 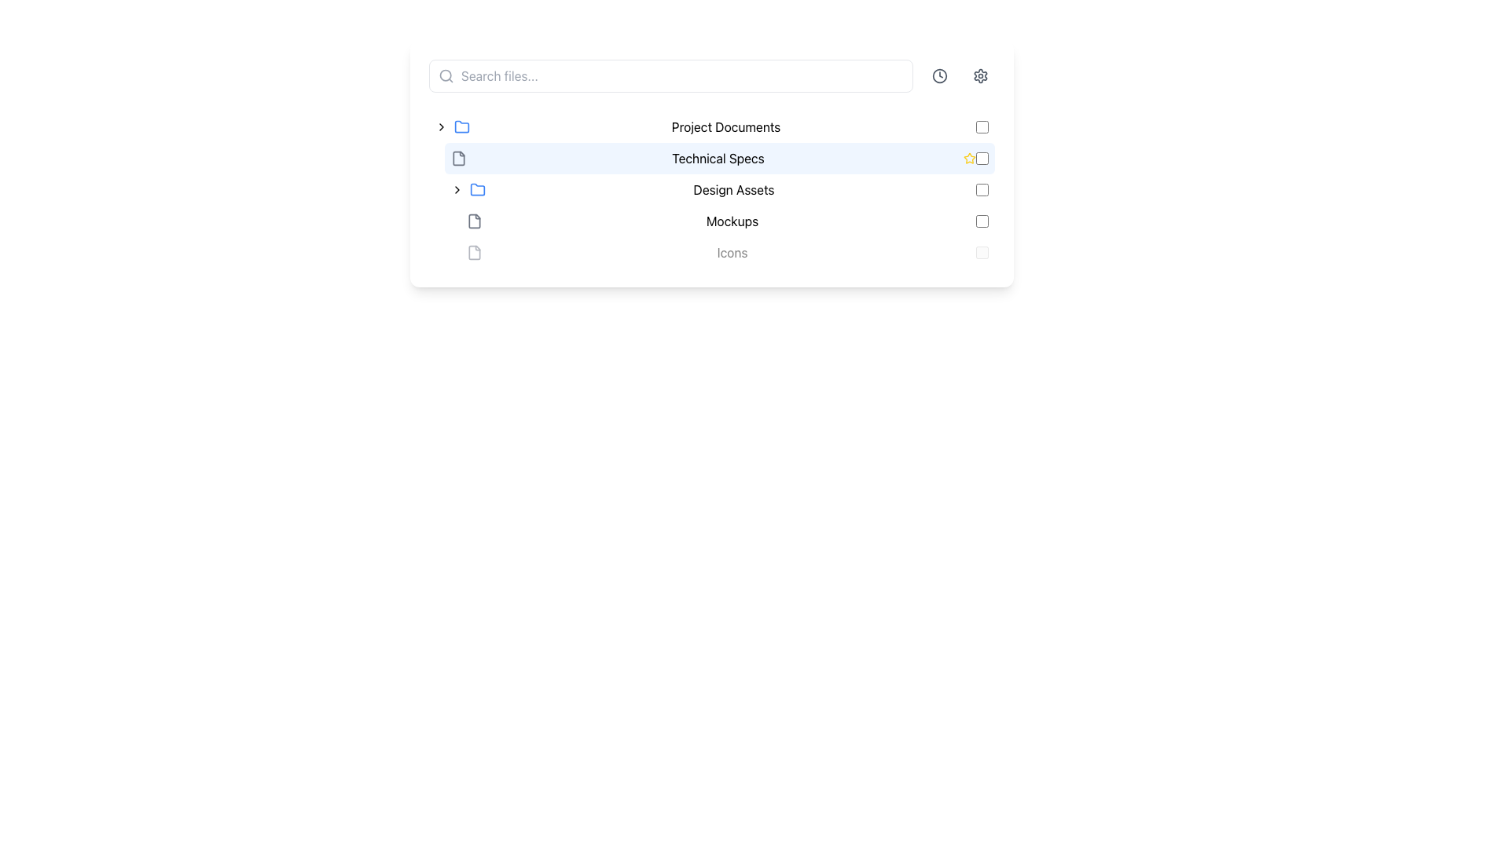 I want to click on the clock icon located in the header area, to the right of the search bar and adjacent to the gear icon, so click(x=939, y=75).